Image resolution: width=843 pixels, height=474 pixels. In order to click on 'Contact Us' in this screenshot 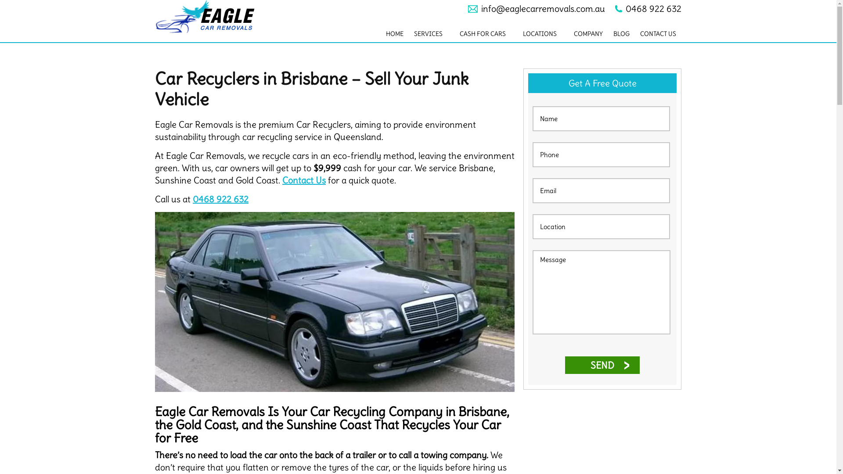, I will do `click(304, 180)`.